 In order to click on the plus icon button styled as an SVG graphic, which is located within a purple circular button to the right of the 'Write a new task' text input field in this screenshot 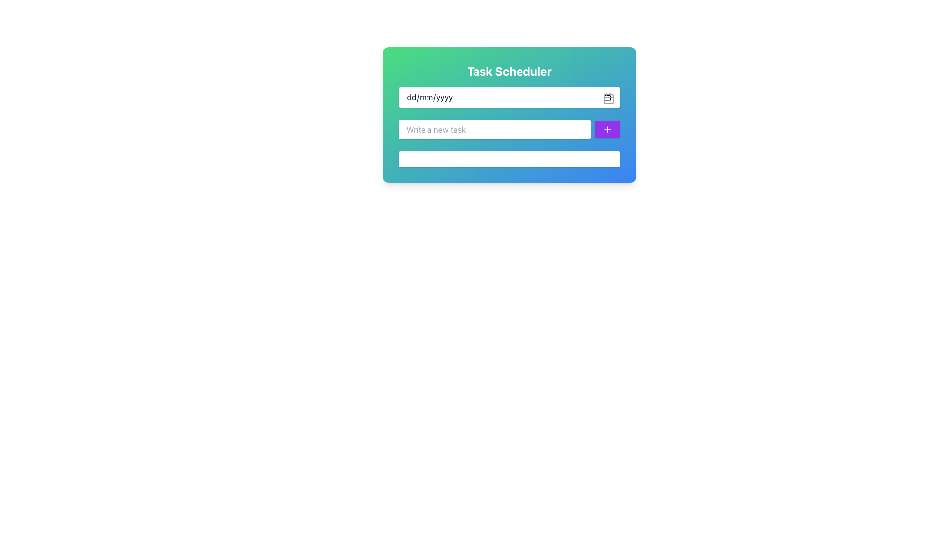, I will do `click(607, 129)`.